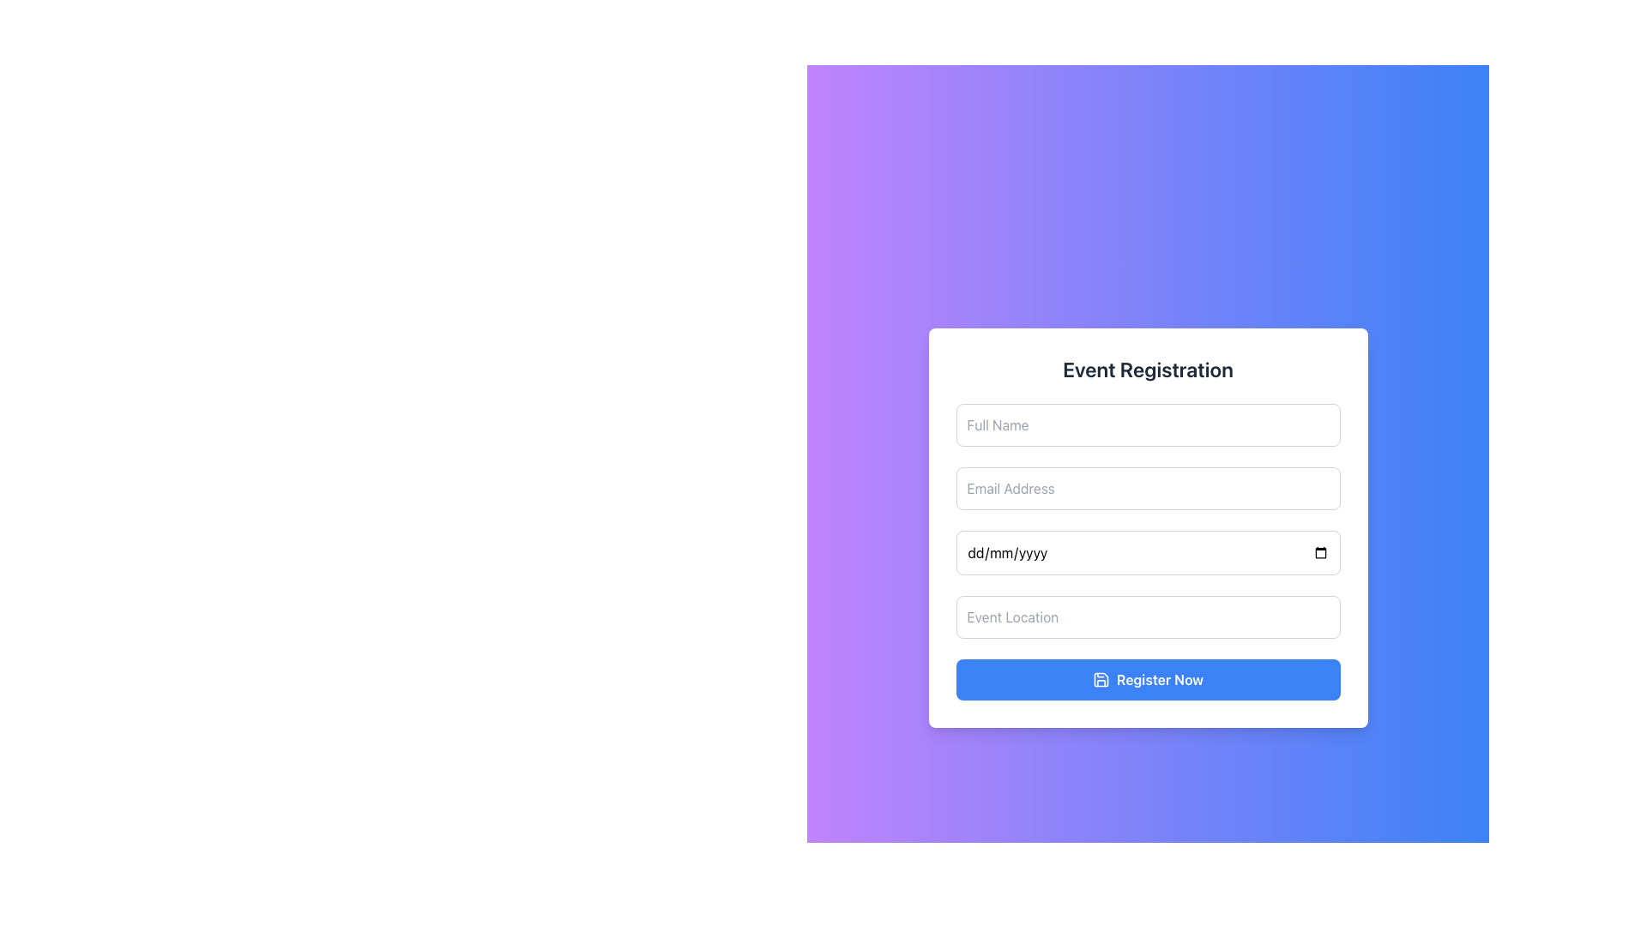  What do you see at coordinates (1101, 679) in the screenshot?
I see `the save icon located to the left of the 'Register Now' button to enhance user understanding of the button's function` at bounding box center [1101, 679].